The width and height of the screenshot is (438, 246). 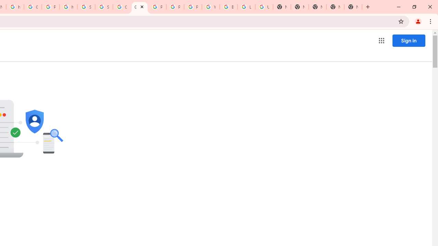 What do you see at coordinates (86, 7) in the screenshot?
I see `'Sign in - Google Accounts'` at bounding box center [86, 7].